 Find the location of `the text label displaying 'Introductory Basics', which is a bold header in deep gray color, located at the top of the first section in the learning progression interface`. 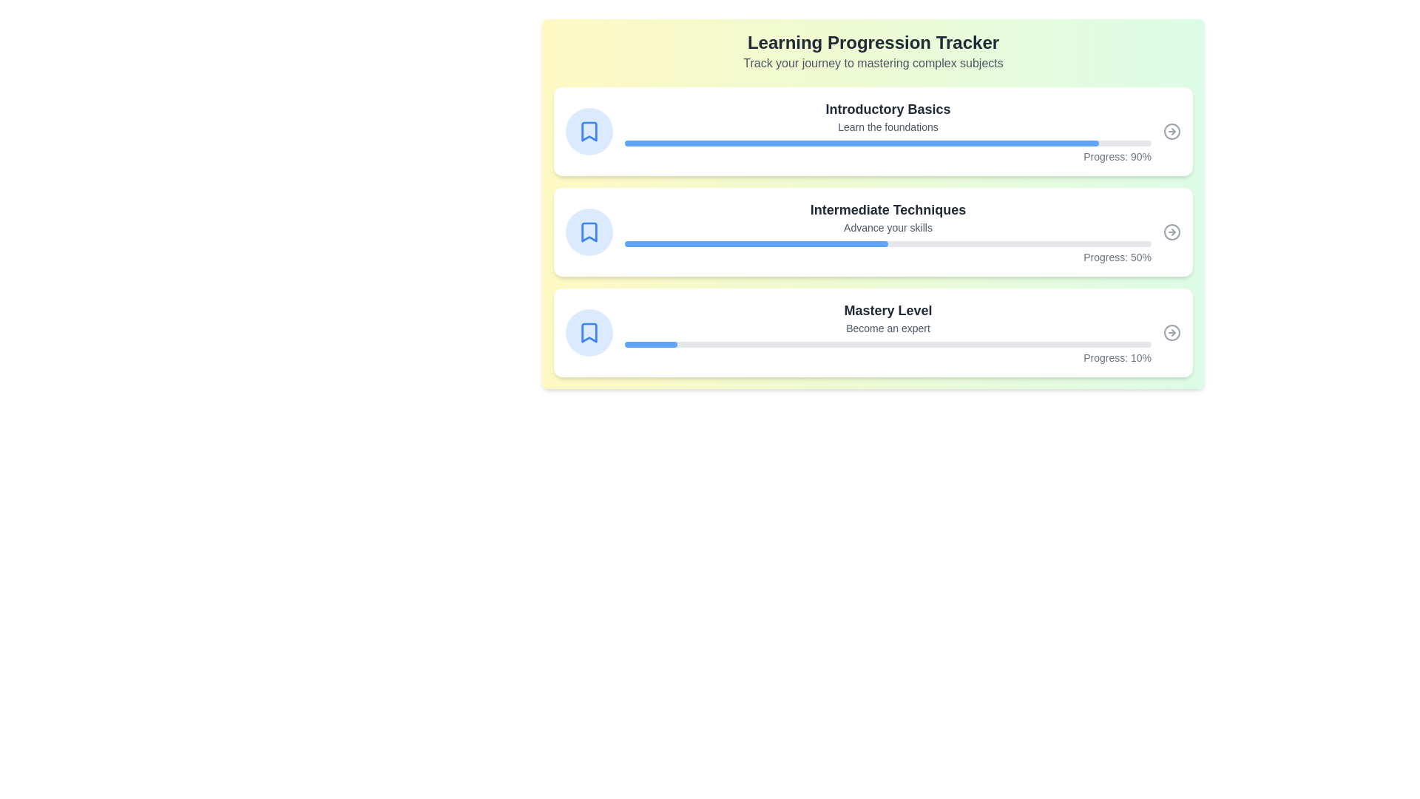

the text label displaying 'Introductory Basics', which is a bold header in deep gray color, located at the top of the first section in the learning progression interface is located at coordinates (887, 108).